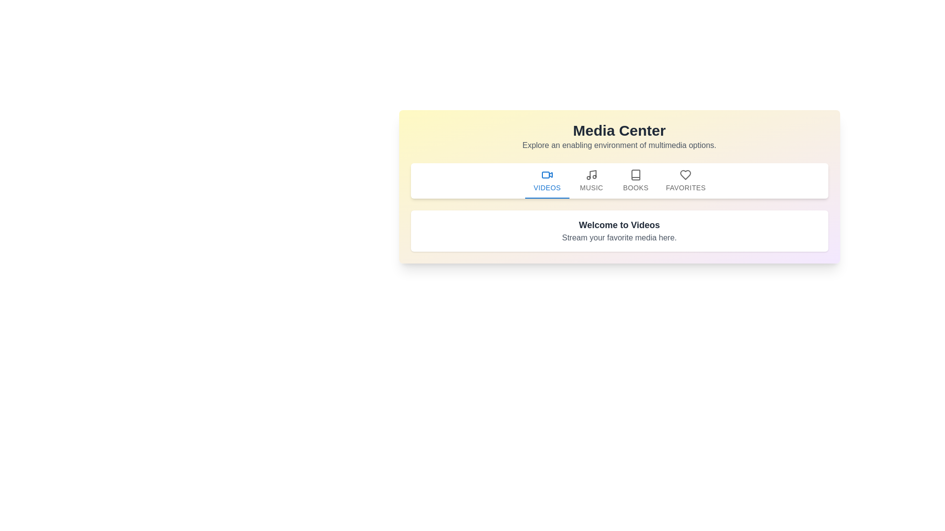 The image size is (945, 531). Describe the element at coordinates (635, 175) in the screenshot. I see `the 'Books' icon` at that location.